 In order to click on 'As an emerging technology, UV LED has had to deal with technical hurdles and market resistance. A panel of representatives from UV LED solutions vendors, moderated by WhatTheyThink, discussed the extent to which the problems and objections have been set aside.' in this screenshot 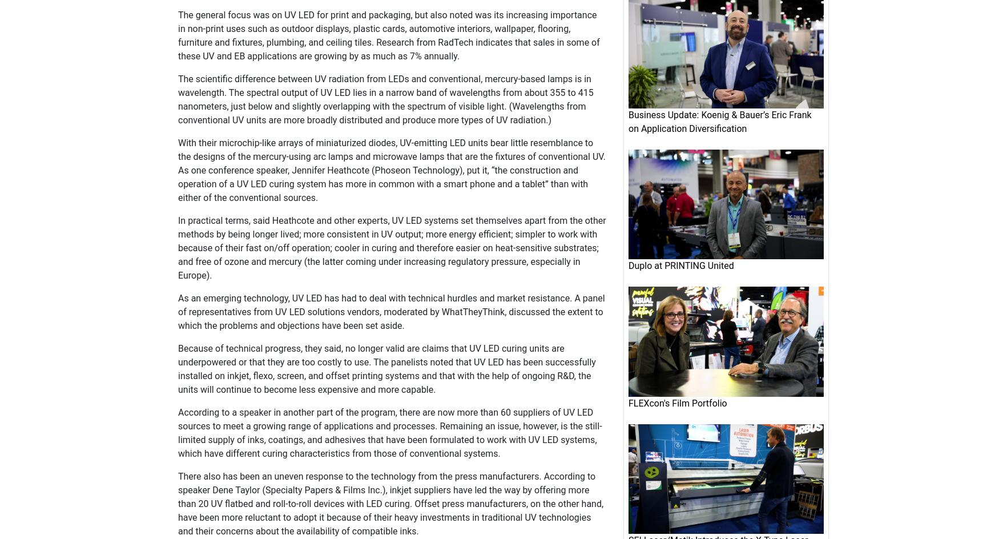, I will do `click(391, 311)`.